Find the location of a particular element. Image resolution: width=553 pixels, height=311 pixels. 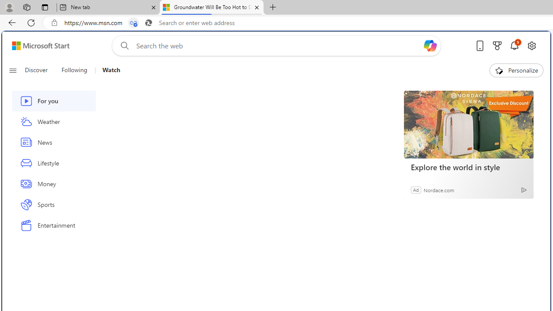

'Enter your search term' is located at coordinates (278, 46).